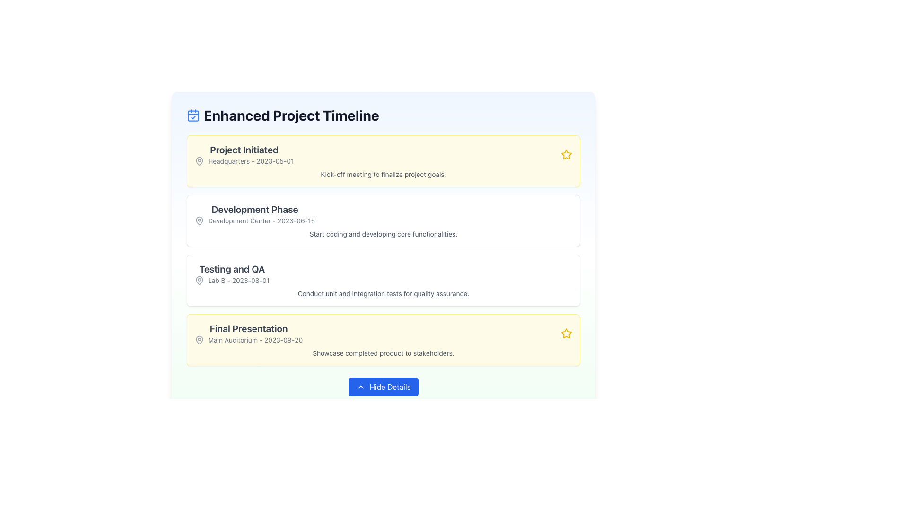 The width and height of the screenshot is (908, 511). I want to click on the text label that reads 'Conduct unit and integration tests for quality assurance.' located in the 'Testing and QA' section of the timeline interface, so click(384, 293).